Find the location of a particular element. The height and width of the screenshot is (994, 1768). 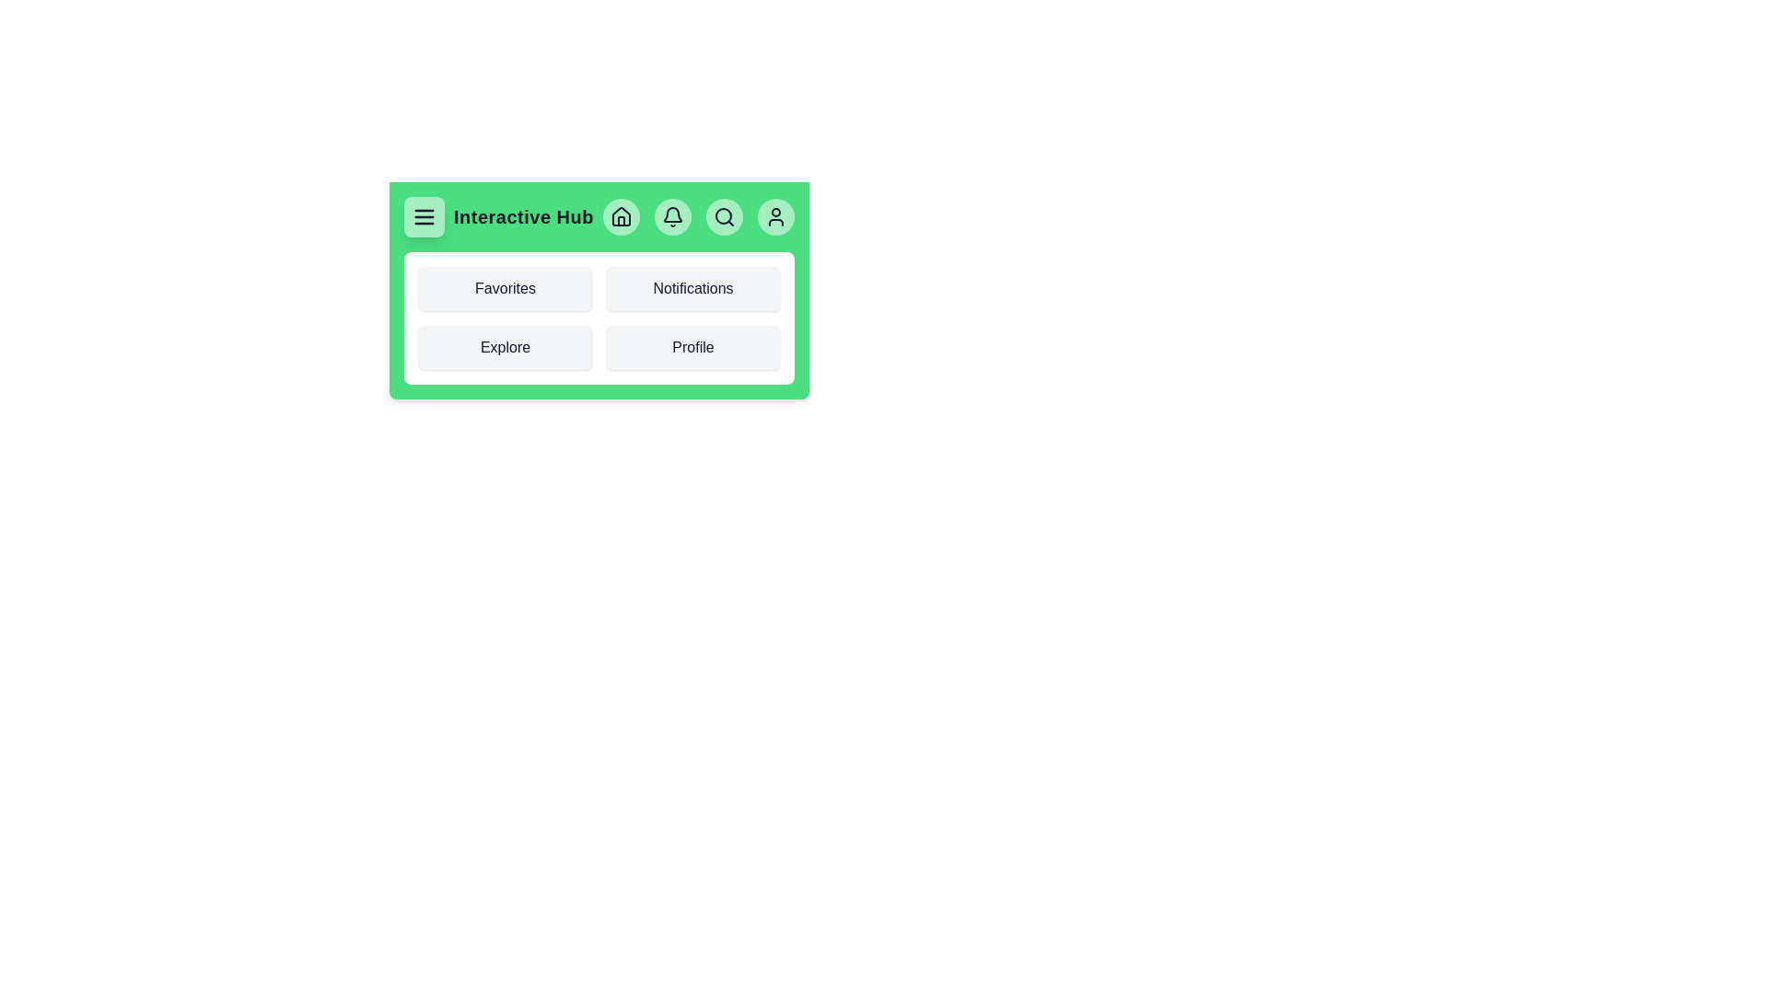

the interactive element Profile Link is located at coordinates (692, 348).